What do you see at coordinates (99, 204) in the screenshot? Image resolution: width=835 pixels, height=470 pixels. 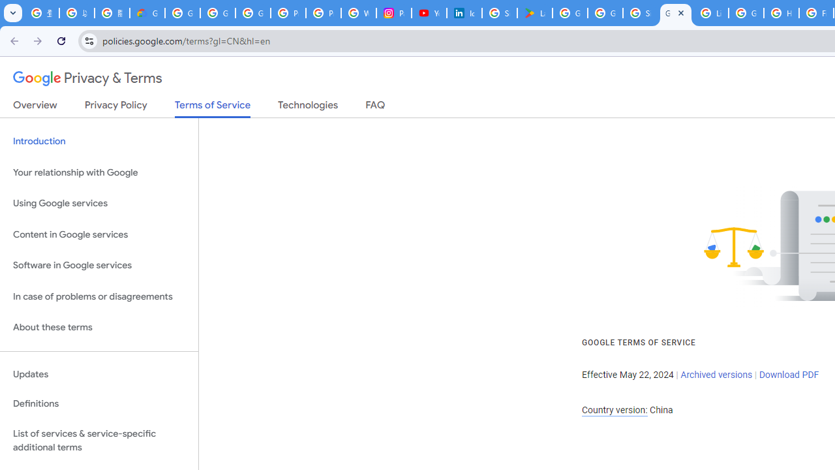 I see `'Using Google services'` at bounding box center [99, 204].